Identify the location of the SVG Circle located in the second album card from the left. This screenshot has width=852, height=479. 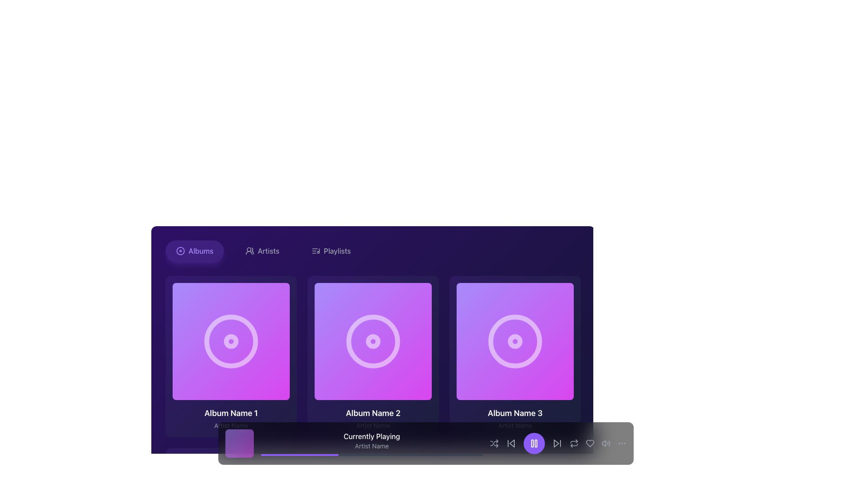
(373, 341).